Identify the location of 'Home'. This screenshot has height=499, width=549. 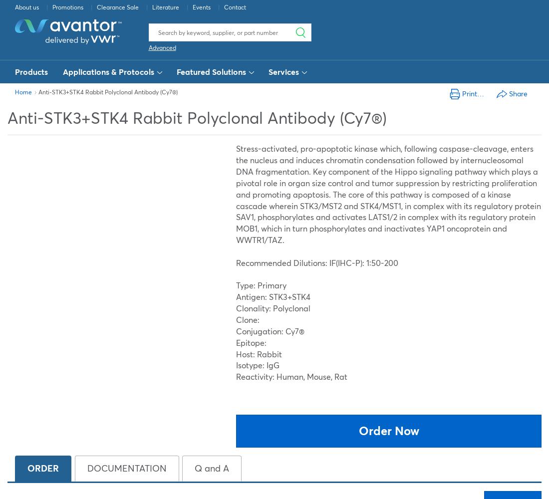
(22, 92).